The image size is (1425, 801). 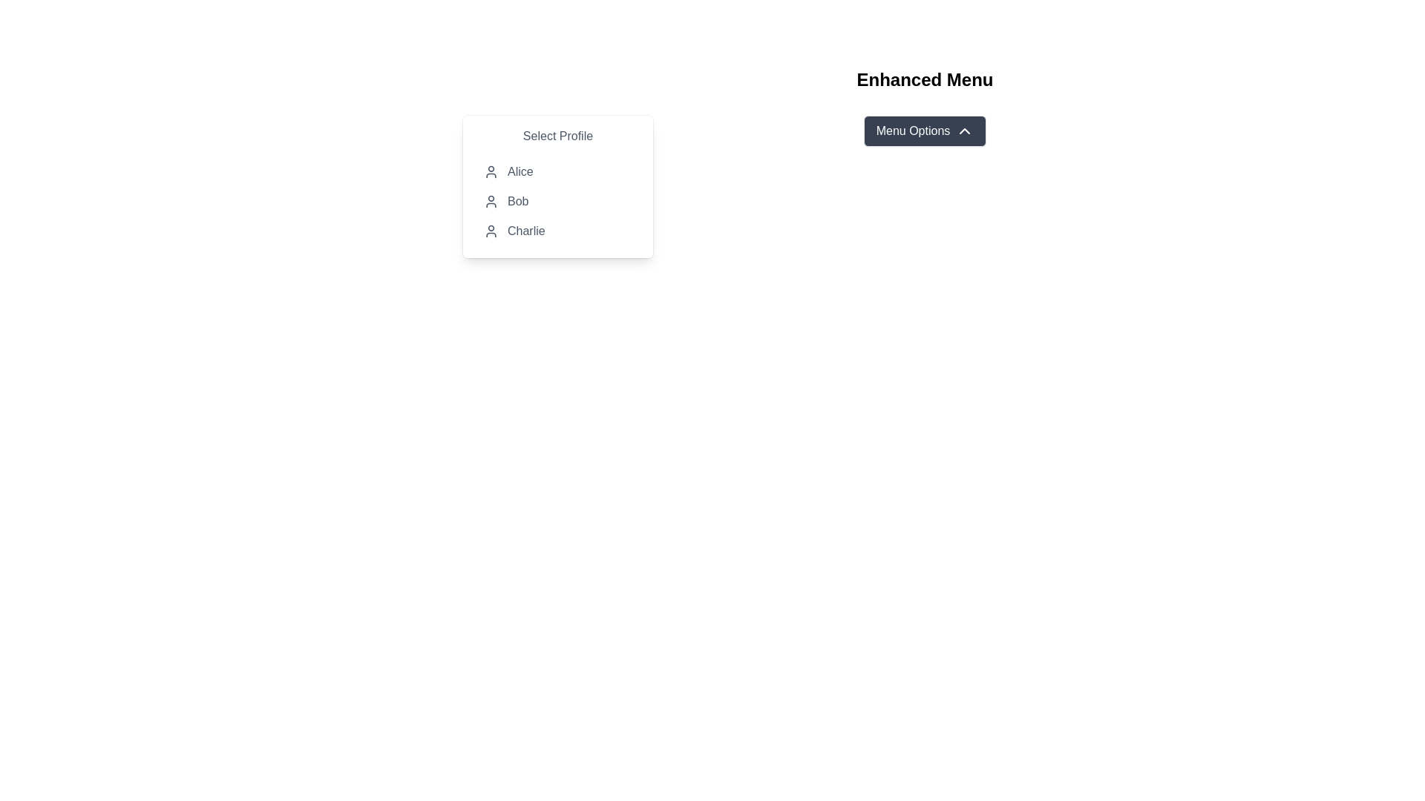 I want to click on the user profile list item named 'Alice', so click(x=557, y=171).